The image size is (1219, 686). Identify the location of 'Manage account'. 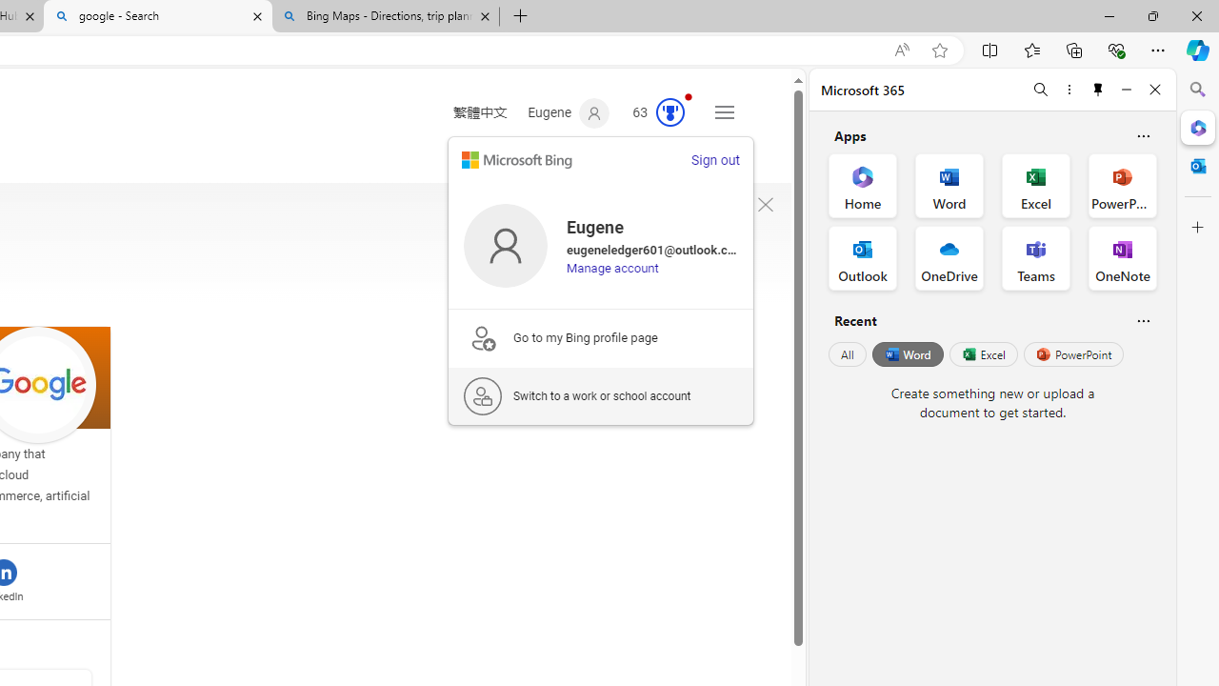
(612, 268).